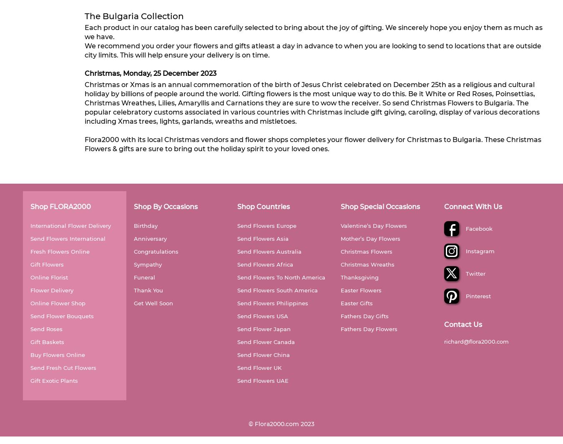 This screenshot has height=444, width=563. What do you see at coordinates (54, 380) in the screenshot?
I see `'Gift Exotic Plants'` at bounding box center [54, 380].